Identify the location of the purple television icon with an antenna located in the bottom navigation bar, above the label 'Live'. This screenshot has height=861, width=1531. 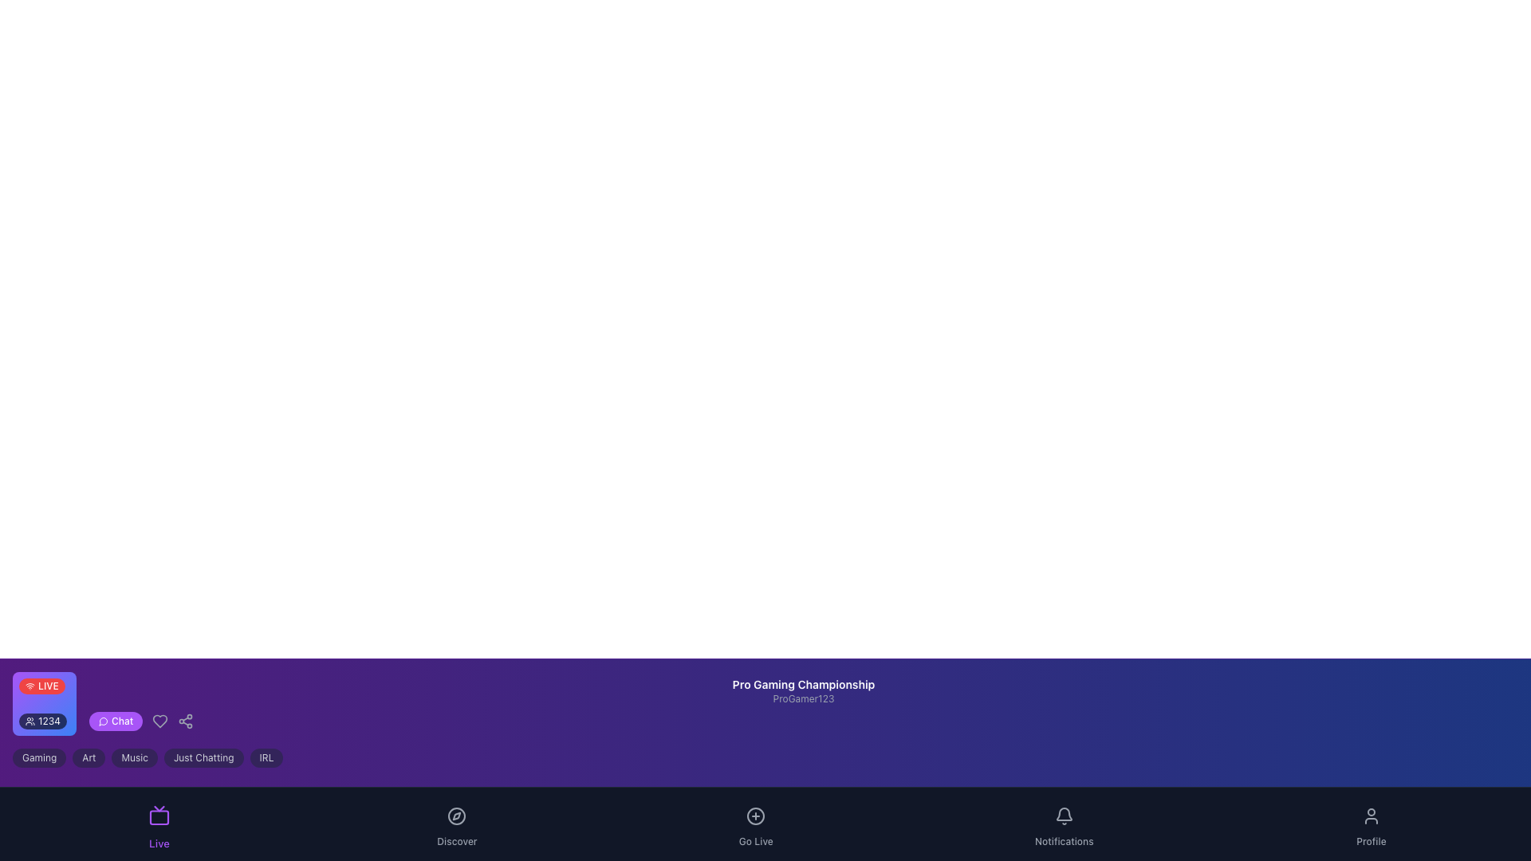
(159, 815).